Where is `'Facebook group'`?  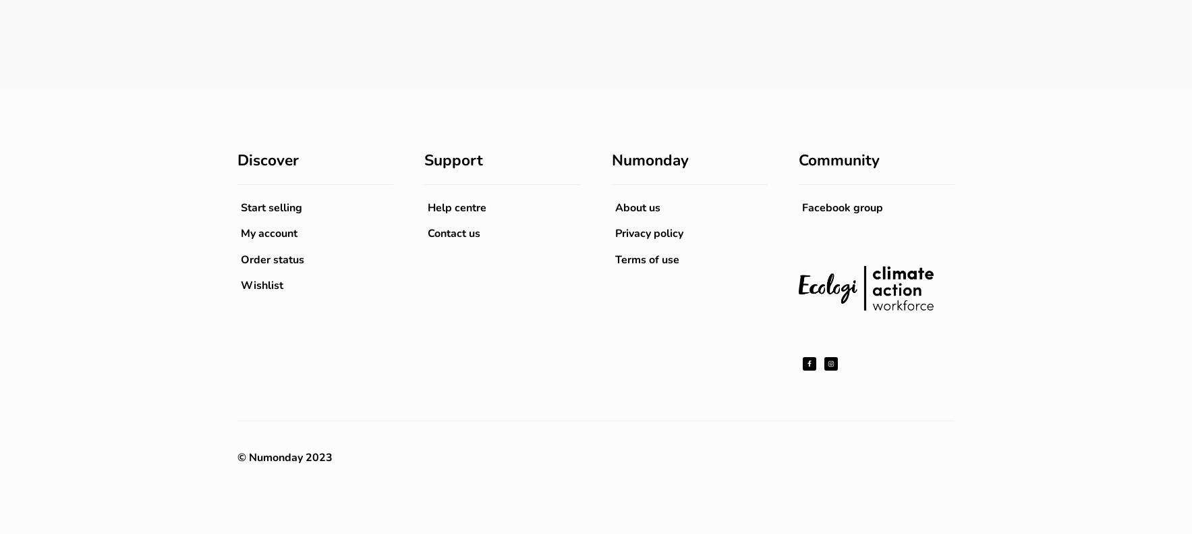 'Facebook group' is located at coordinates (801, 207).